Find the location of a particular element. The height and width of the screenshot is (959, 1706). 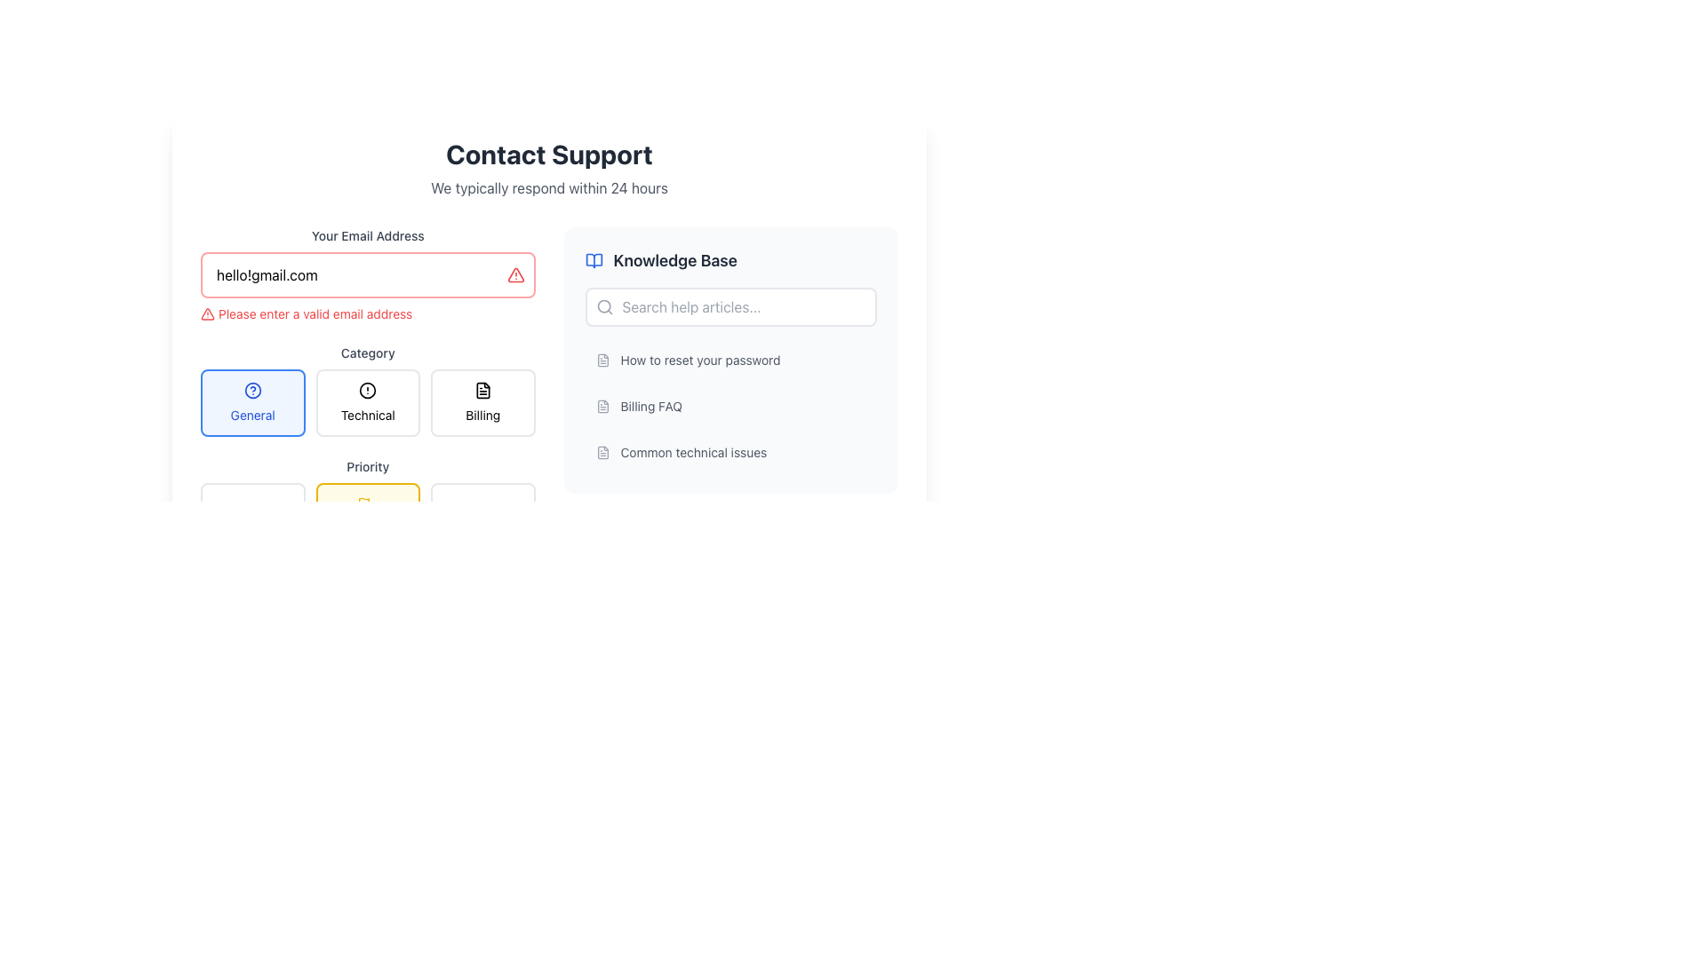

the inner circle of the magnifying glass icon located to the left of the search input field in the 'Knowledge Base' section is located at coordinates (603, 305).